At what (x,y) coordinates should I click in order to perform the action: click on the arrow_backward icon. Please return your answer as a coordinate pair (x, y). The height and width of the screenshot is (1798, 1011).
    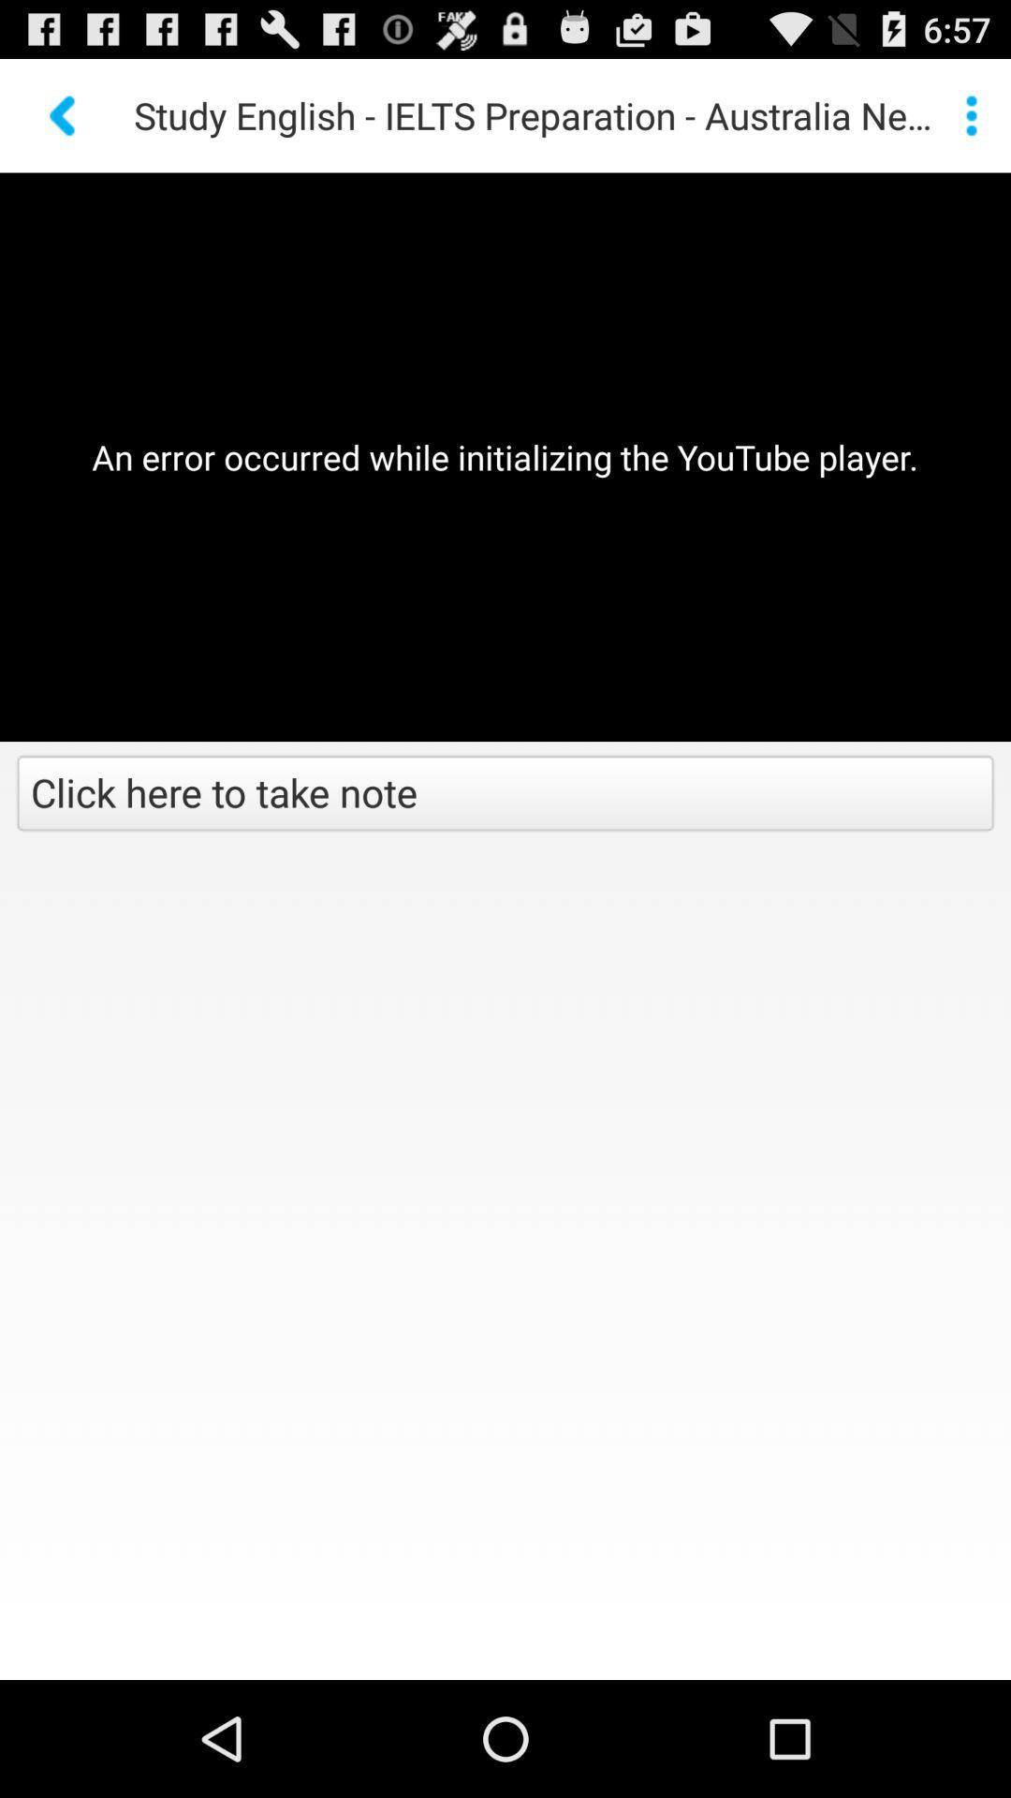
    Looking at the image, I should click on (64, 123).